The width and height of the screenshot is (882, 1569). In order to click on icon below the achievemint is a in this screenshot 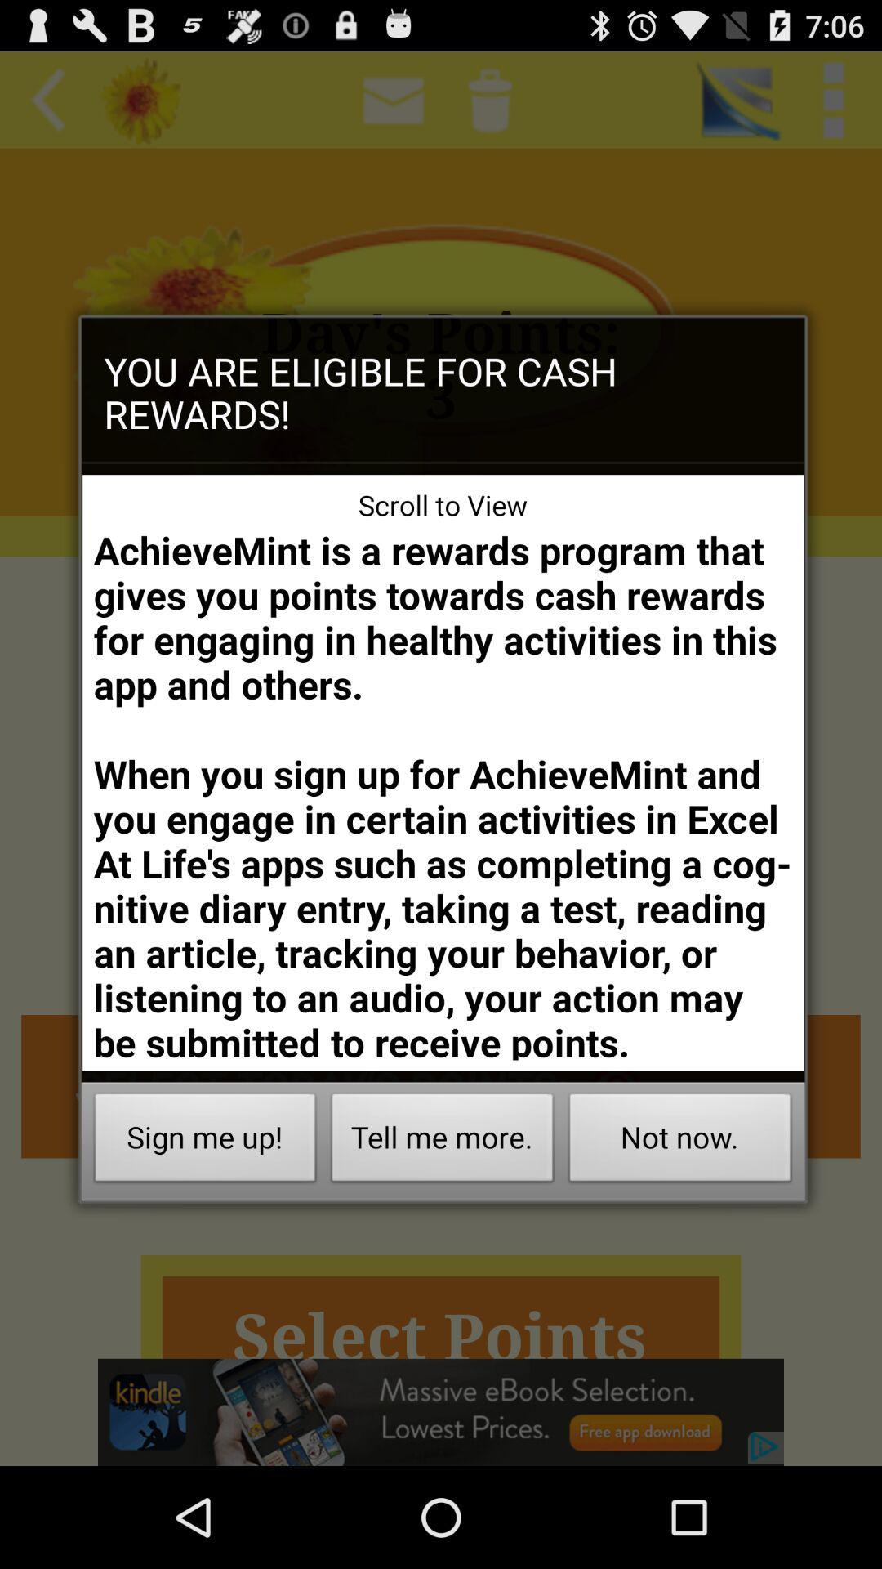, I will do `click(680, 1141)`.